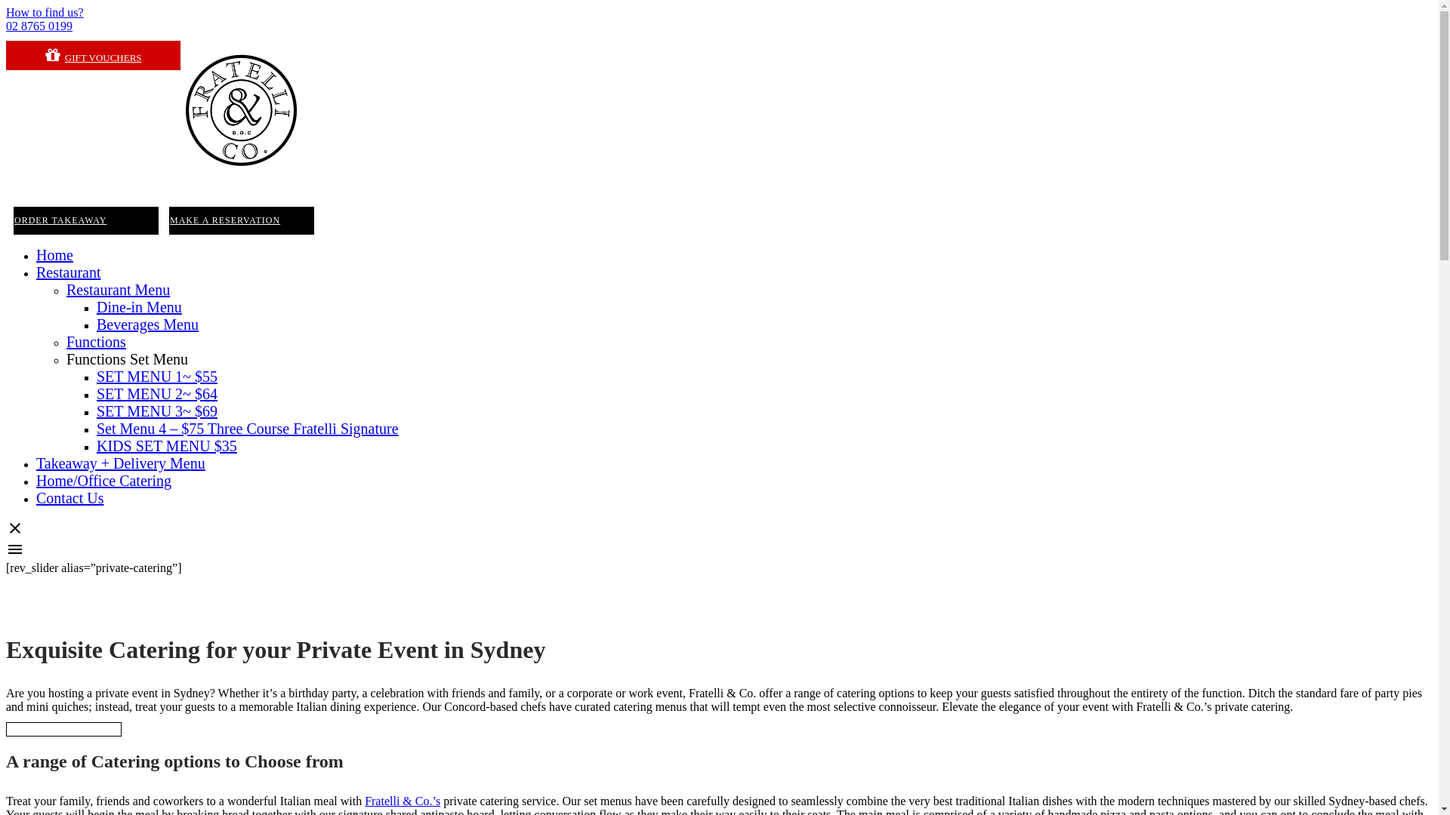 This screenshot has height=815, width=1450. I want to click on 'Takeaway + Delivery Menu', so click(119, 462).